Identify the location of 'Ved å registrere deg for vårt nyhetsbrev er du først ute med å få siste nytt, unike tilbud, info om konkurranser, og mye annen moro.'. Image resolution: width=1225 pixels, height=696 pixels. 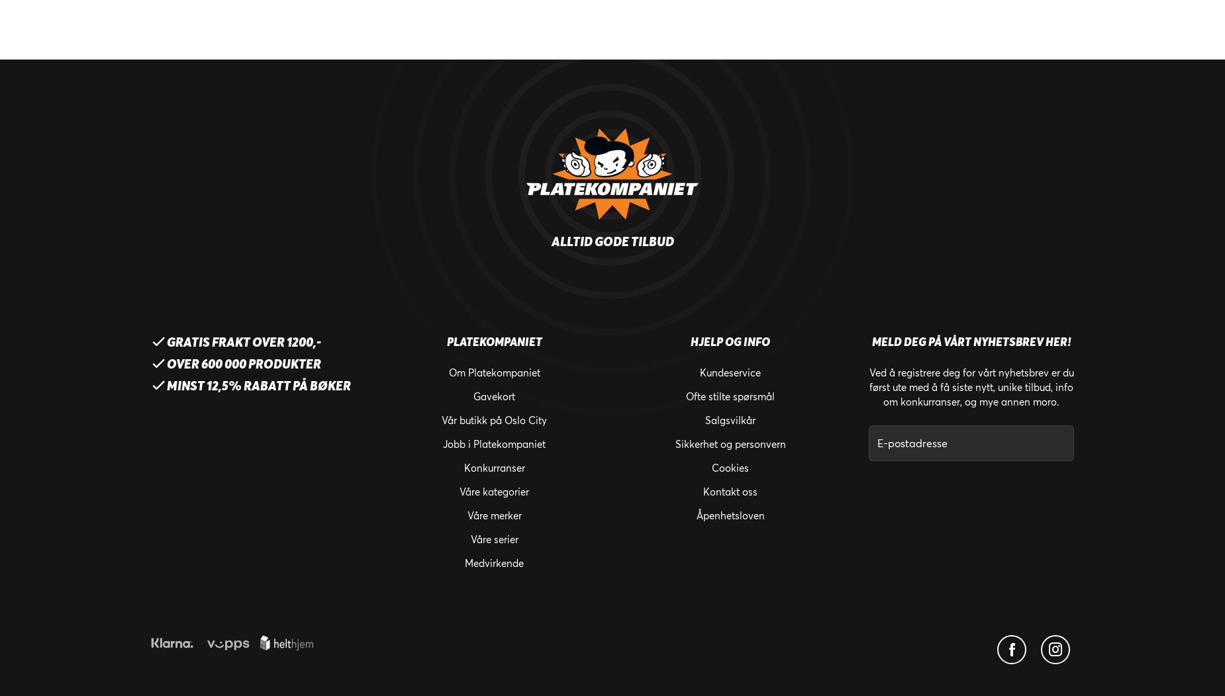
(971, 386).